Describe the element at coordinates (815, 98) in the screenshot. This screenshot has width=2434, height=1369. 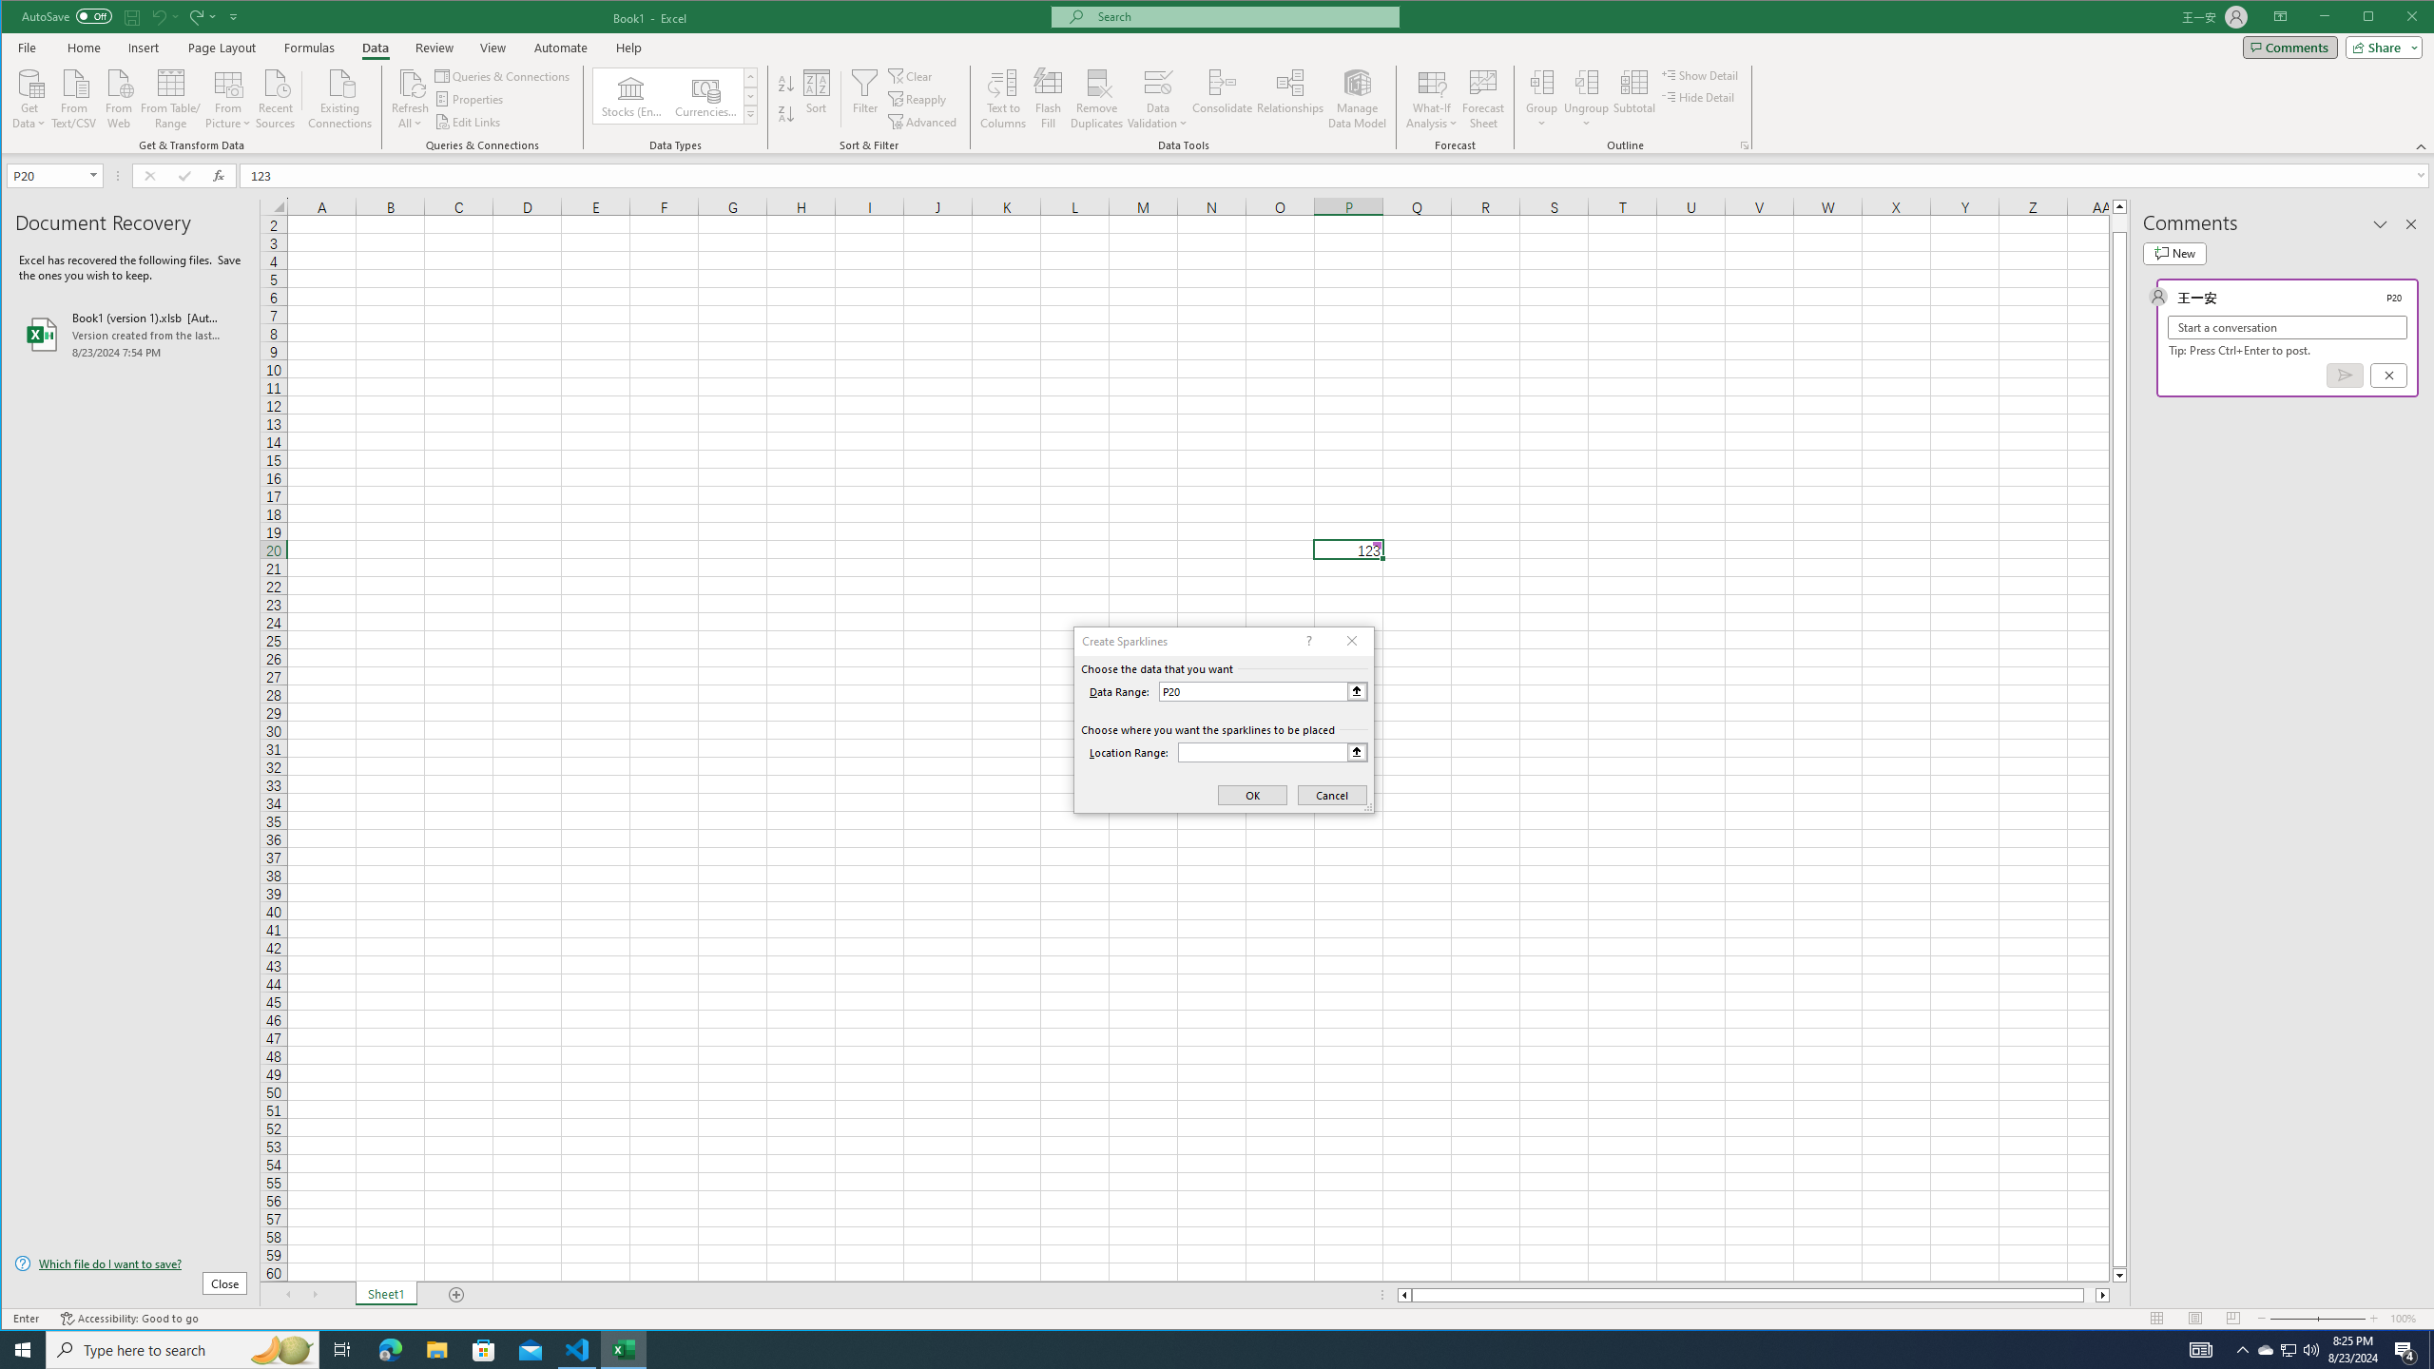
I see `'Sort...'` at that location.